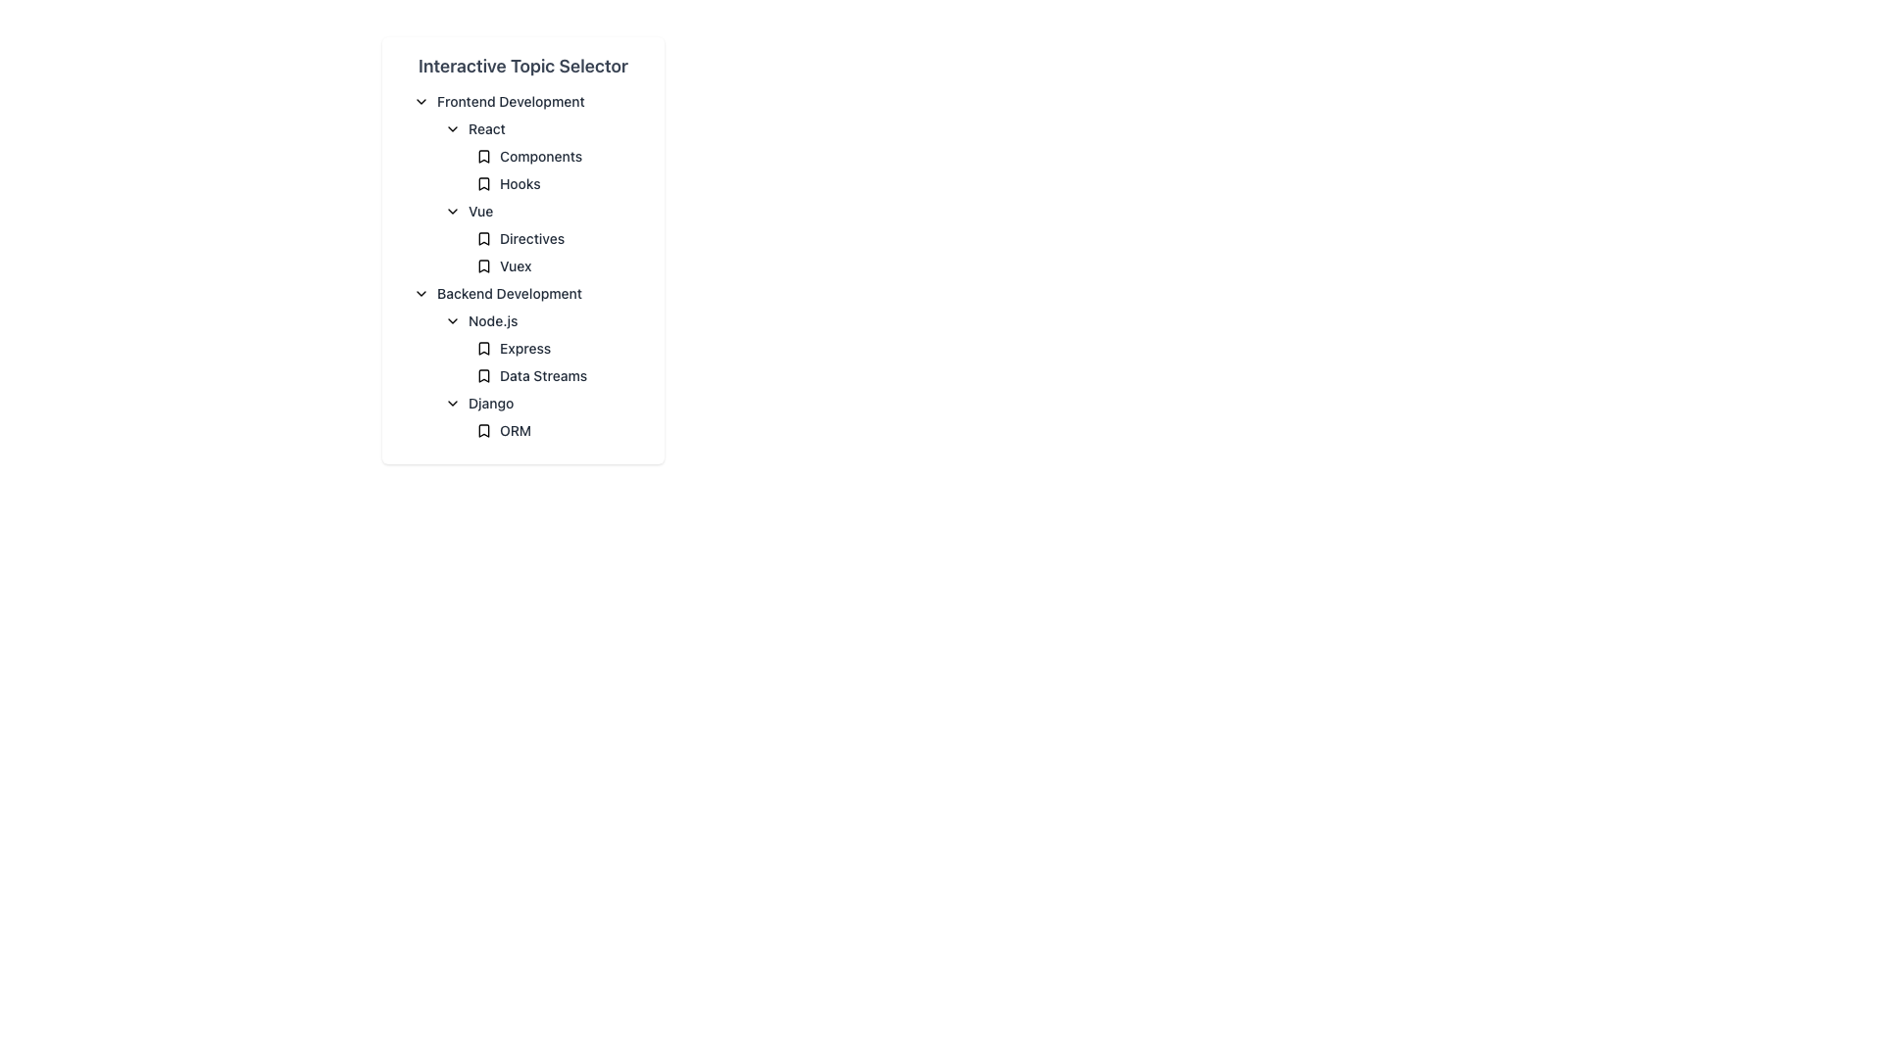 This screenshot has width=1882, height=1058. What do you see at coordinates (484, 429) in the screenshot?
I see `the bookmark icon shaped like a ribbon, which is outlined with a black stroke and located to the left of the text 'ORM' under the 'Django' topic in the 'Backend Development' category` at bounding box center [484, 429].